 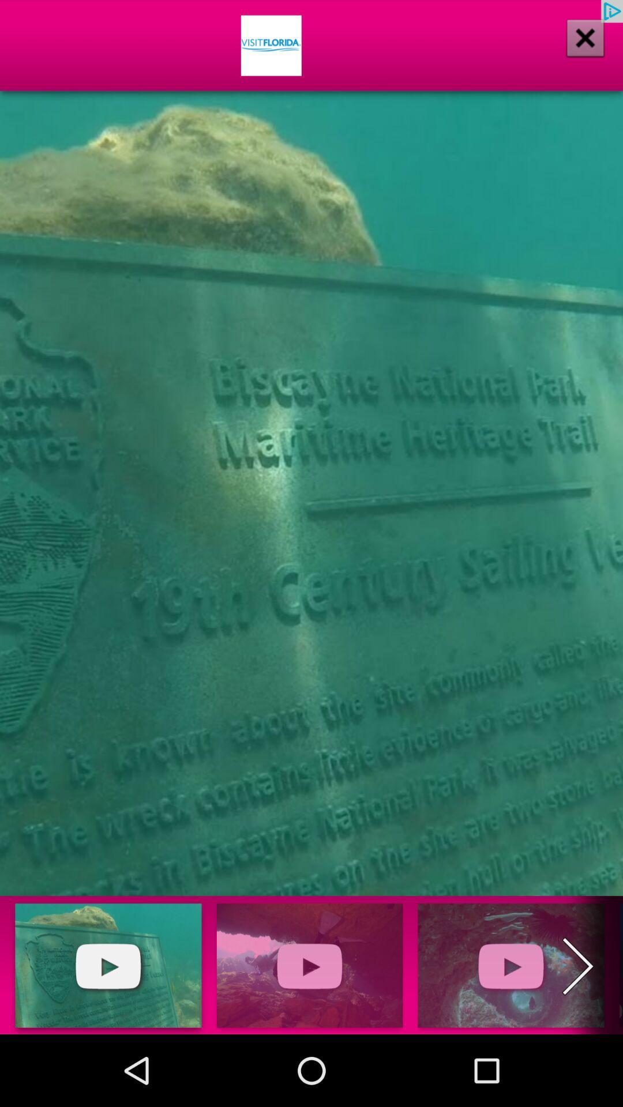 I want to click on the close icon, so click(x=585, y=40).